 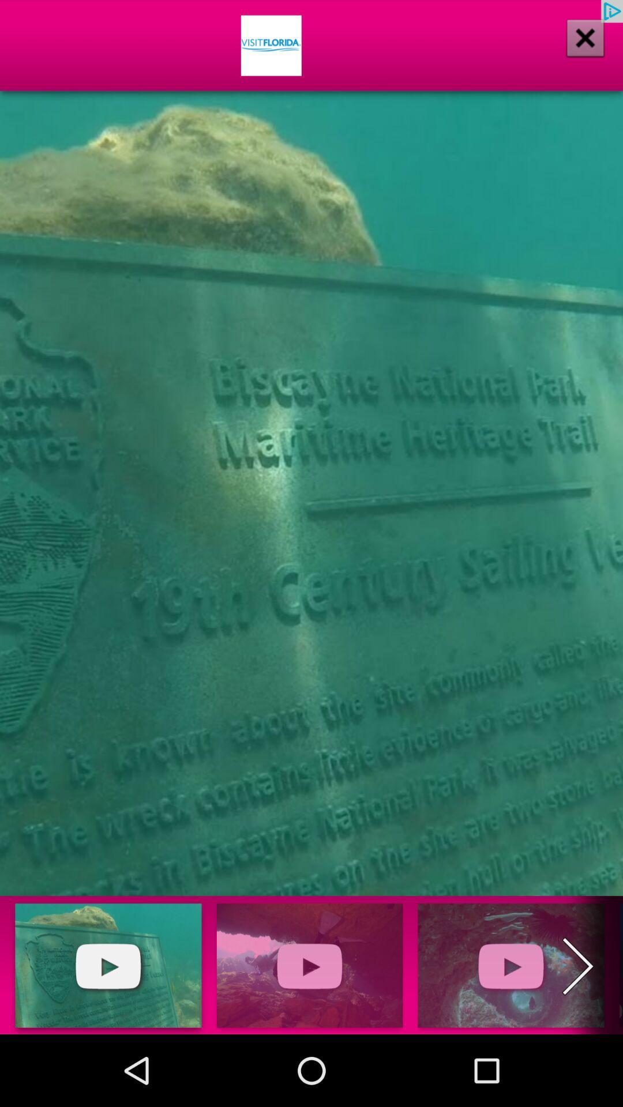 I want to click on the close icon, so click(x=585, y=40).